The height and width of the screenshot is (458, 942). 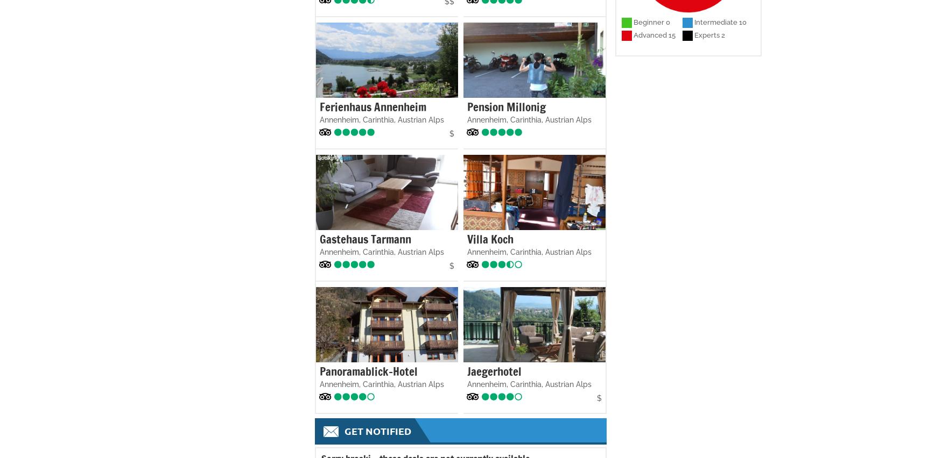 What do you see at coordinates (720, 22) in the screenshot?
I see `'Intermediate 10'` at bounding box center [720, 22].